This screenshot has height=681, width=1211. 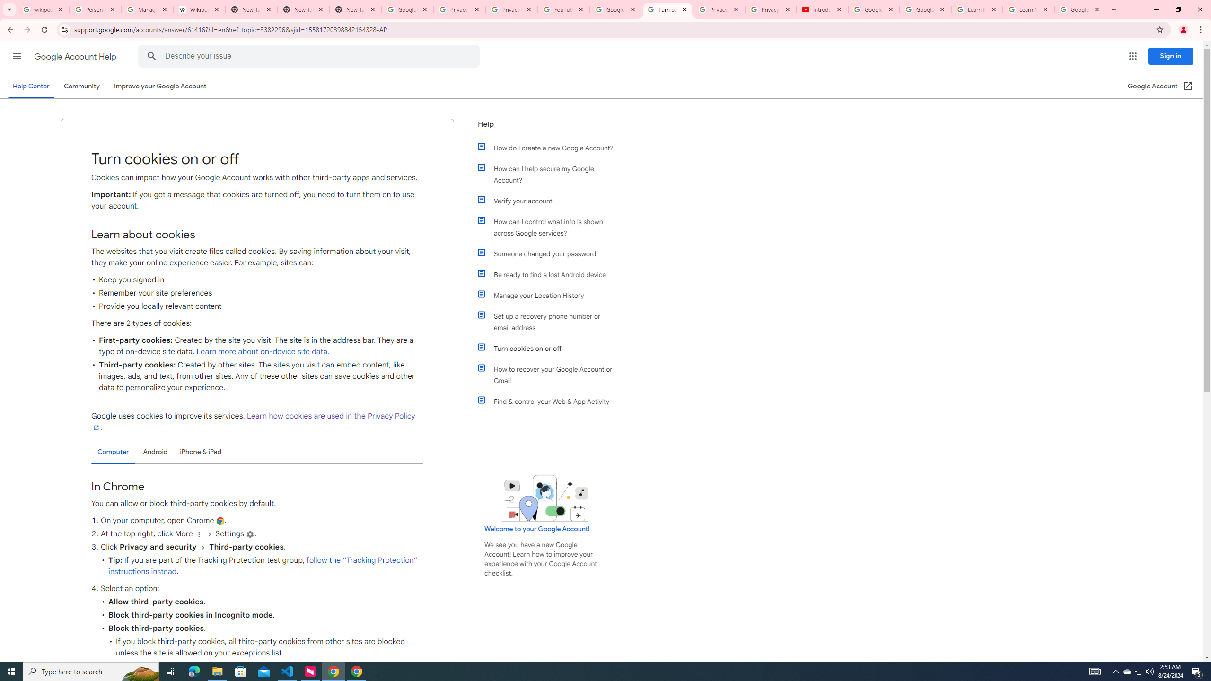 I want to click on 'Learning Center home page image', so click(x=544, y=498).